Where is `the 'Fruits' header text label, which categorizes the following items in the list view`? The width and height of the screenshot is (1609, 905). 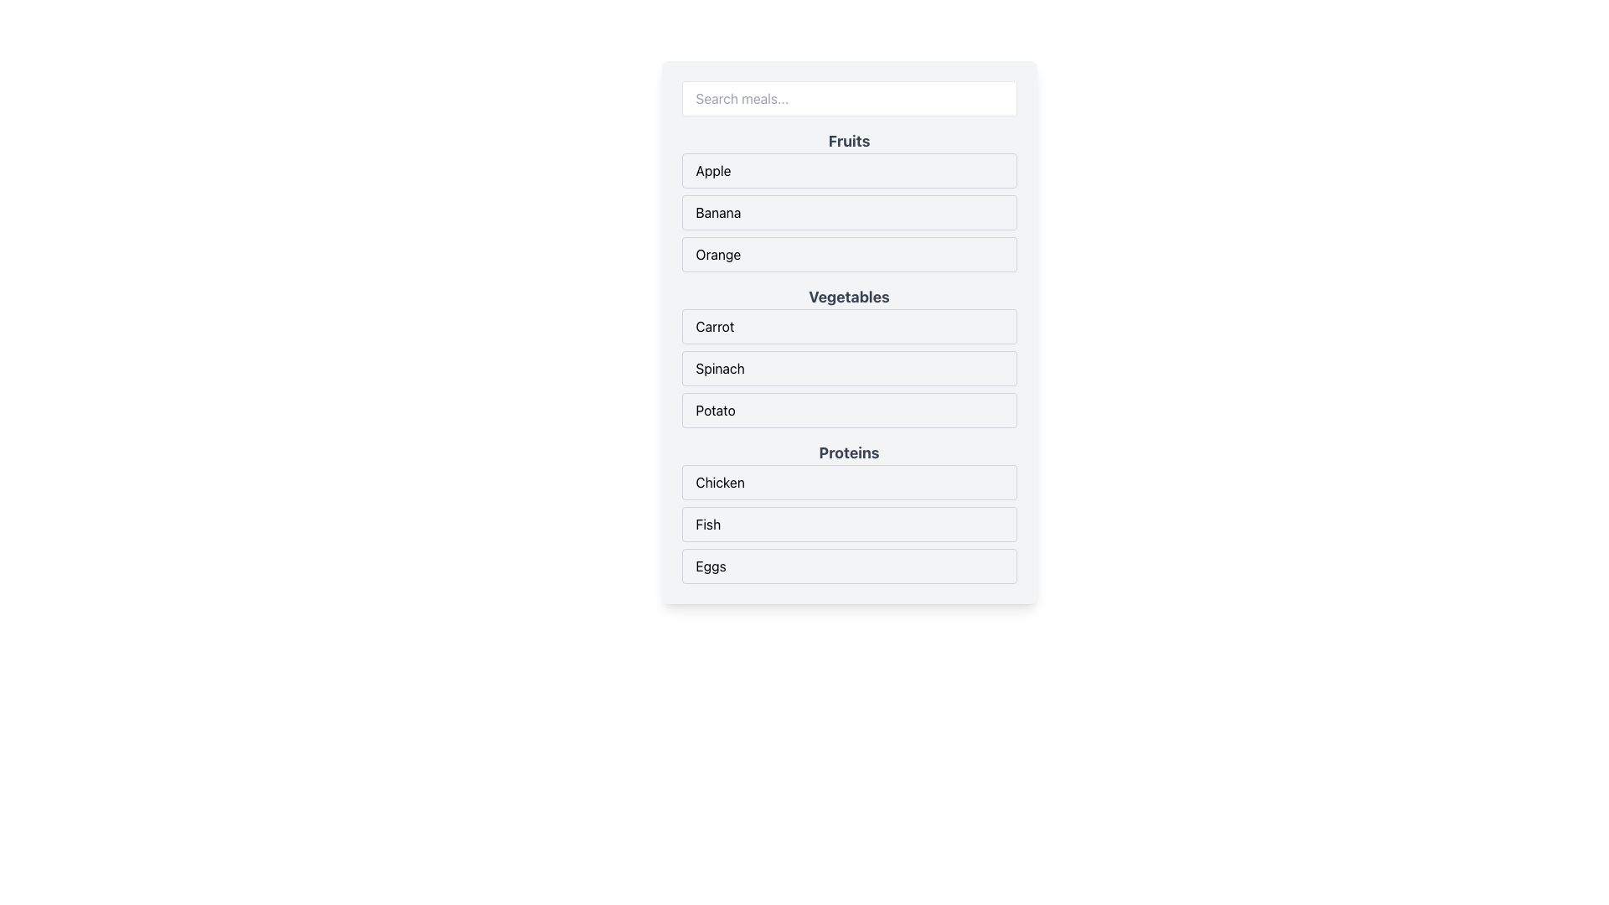
the 'Fruits' header text label, which categorizes the following items in the list view is located at coordinates (849, 141).